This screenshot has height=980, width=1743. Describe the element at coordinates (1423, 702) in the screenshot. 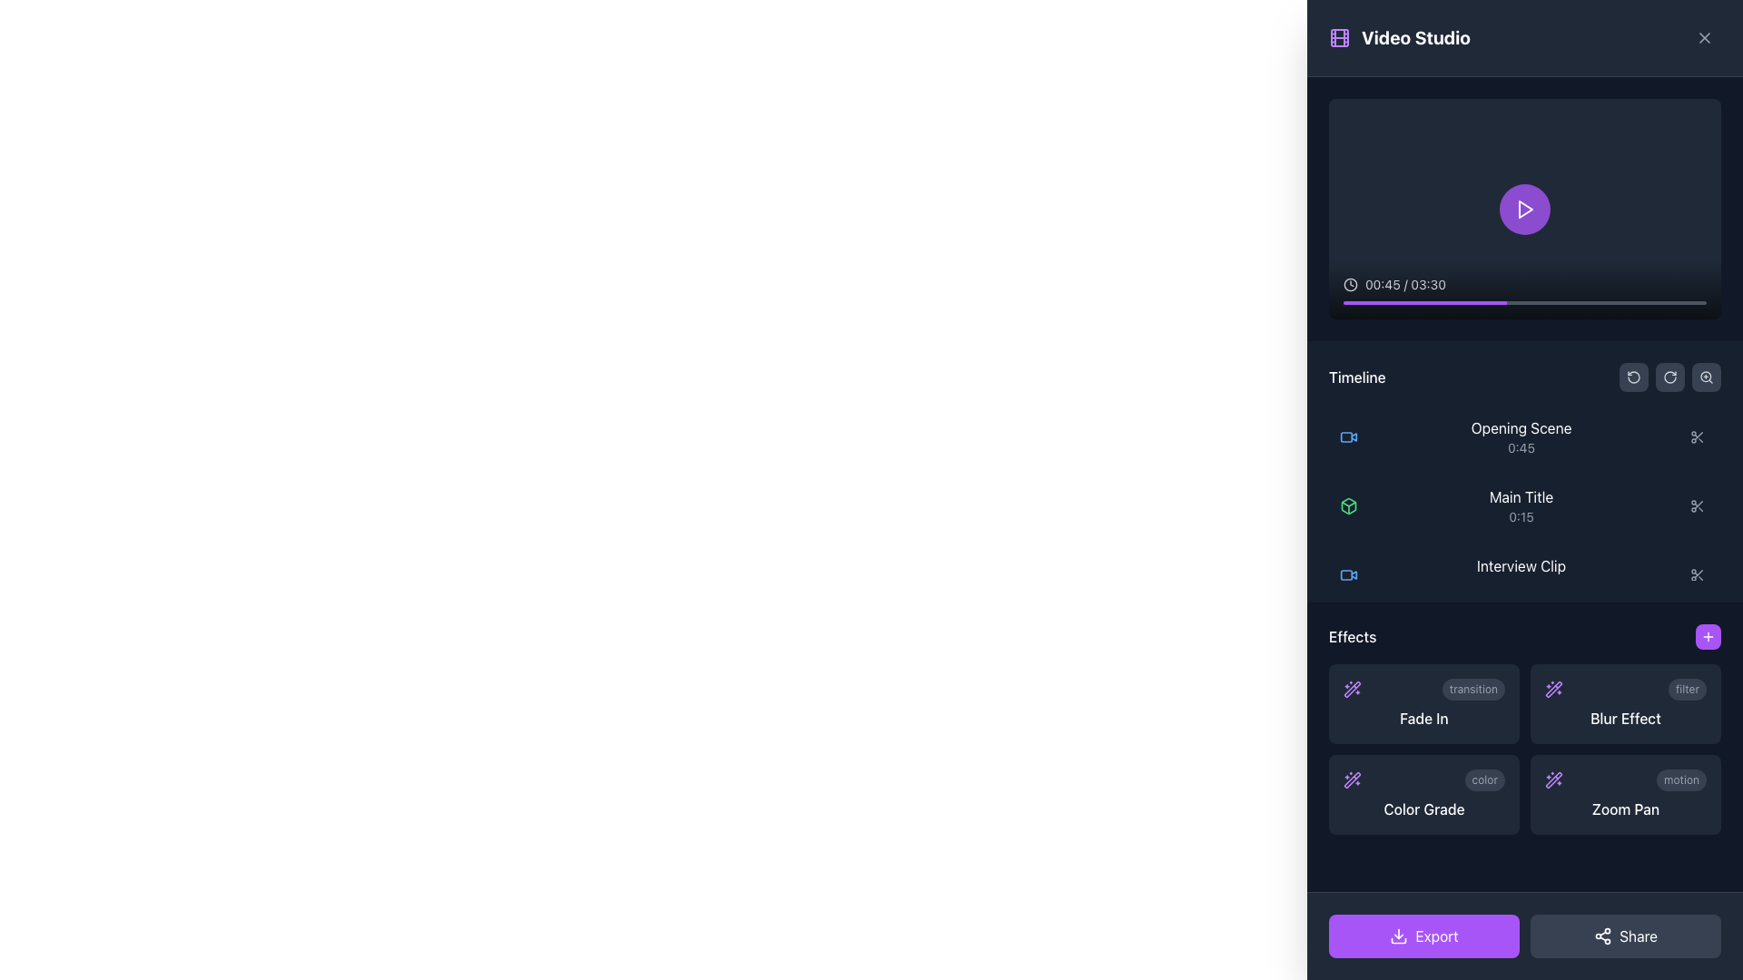

I see `the 'Fade In' effect tile located in the Effects section of the layout, which has a dark gray background, a purple sparkles icon, and a label saying 'transition'` at that location.